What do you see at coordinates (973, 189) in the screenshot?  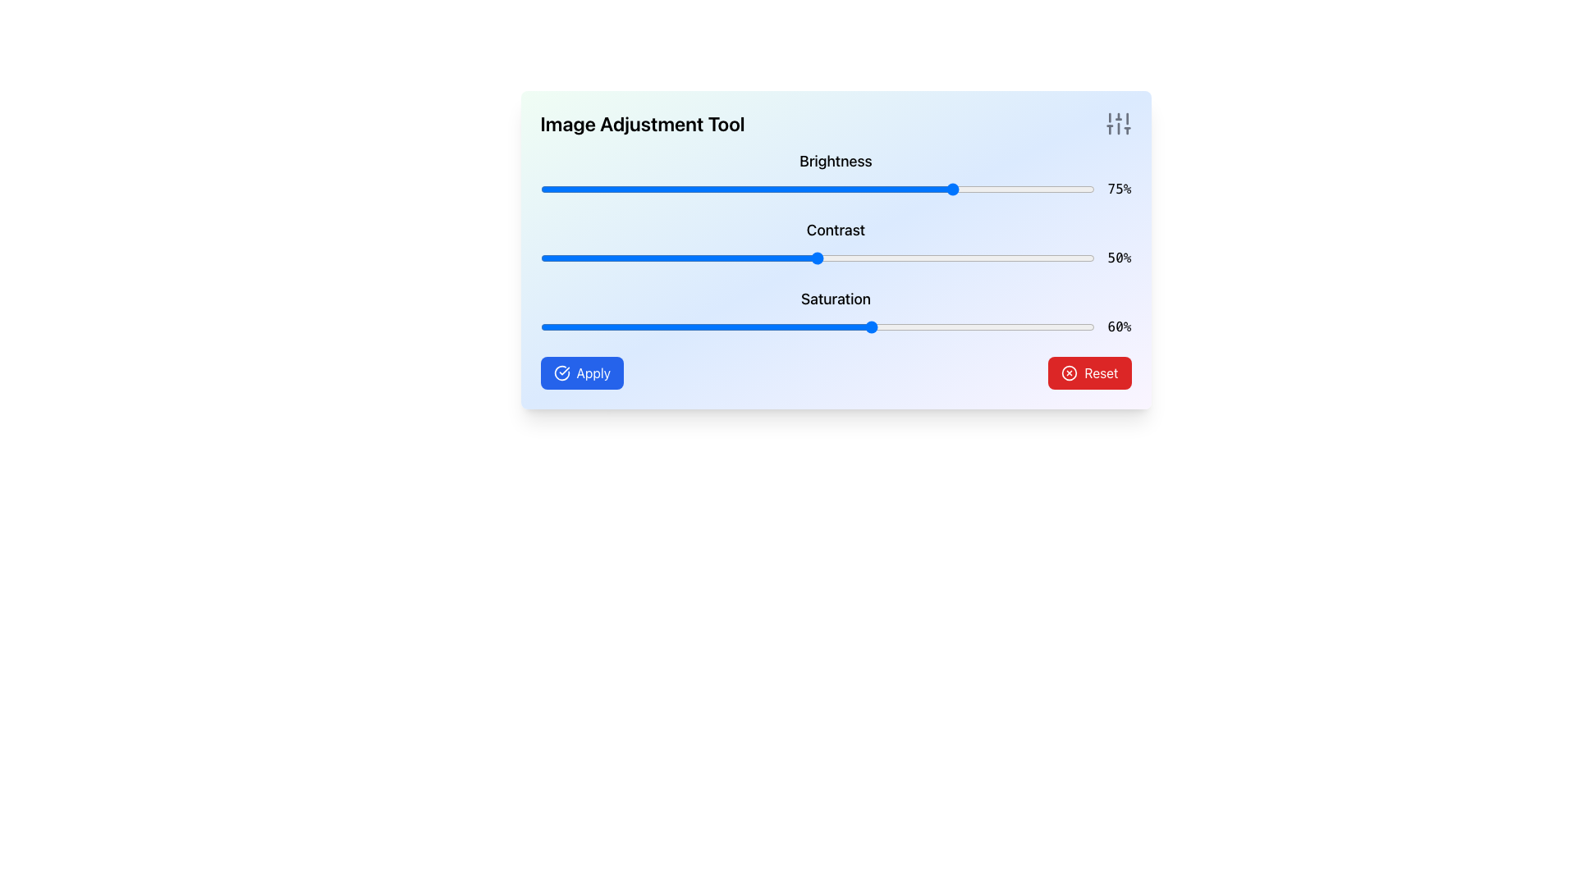 I see `brightness` at bounding box center [973, 189].